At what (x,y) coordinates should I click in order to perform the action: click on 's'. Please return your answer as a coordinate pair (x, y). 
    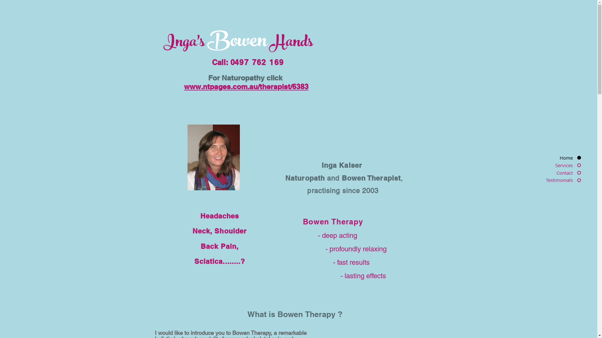
    Looking at the image, I should click on (202, 43).